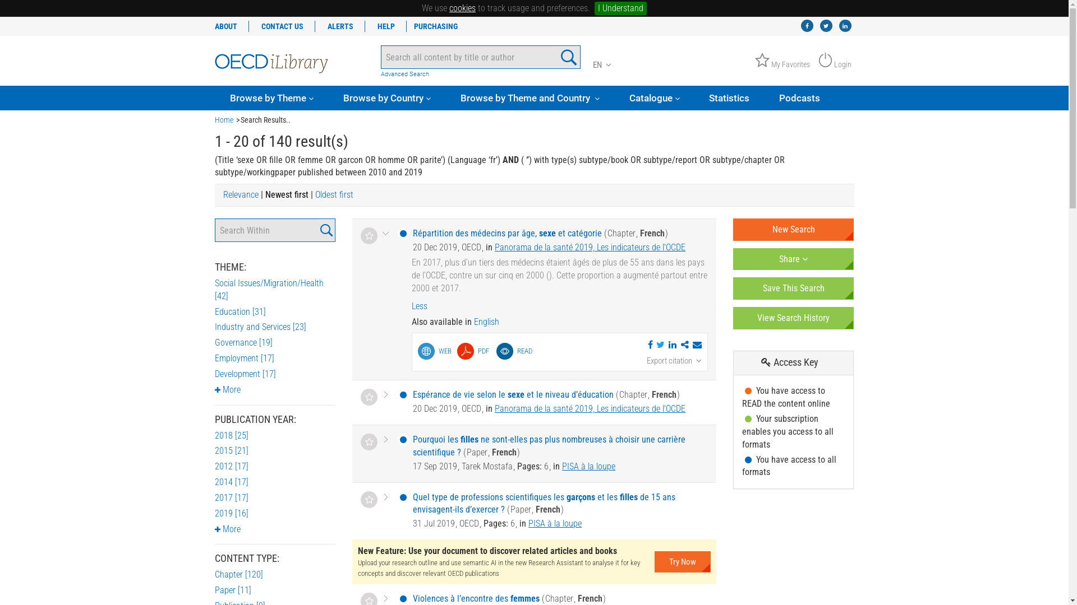 This screenshot has height=605, width=1077. Describe the element at coordinates (340, 25) in the screenshot. I see `'ALERTS'` at that location.